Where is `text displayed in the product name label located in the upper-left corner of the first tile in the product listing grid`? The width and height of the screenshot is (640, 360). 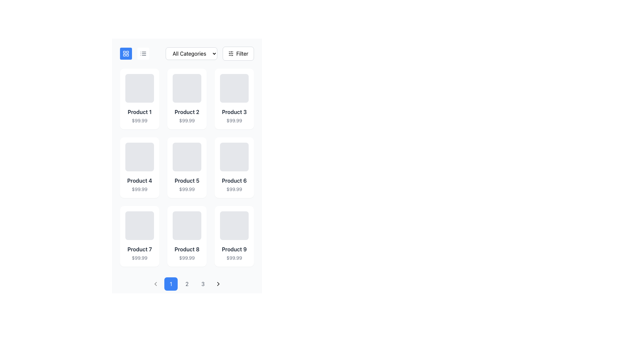 text displayed in the product name label located in the upper-left corner of the first tile in the product listing grid is located at coordinates (139, 111).